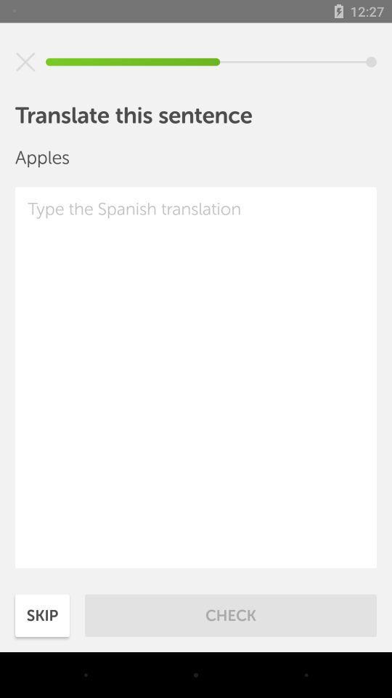 The height and width of the screenshot is (698, 392). Describe the element at coordinates (25, 62) in the screenshot. I see `hit the x` at that location.